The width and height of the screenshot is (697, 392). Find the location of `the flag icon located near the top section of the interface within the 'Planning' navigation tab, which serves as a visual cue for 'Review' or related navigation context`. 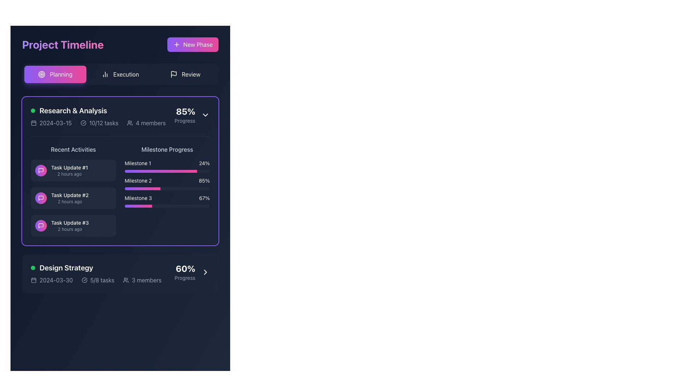

the flag icon located near the top section of the interface within the 'Planning' navigation tab, which serves as a visual cue for 'Review' or related navigation context is located at coordinates (173, 73).